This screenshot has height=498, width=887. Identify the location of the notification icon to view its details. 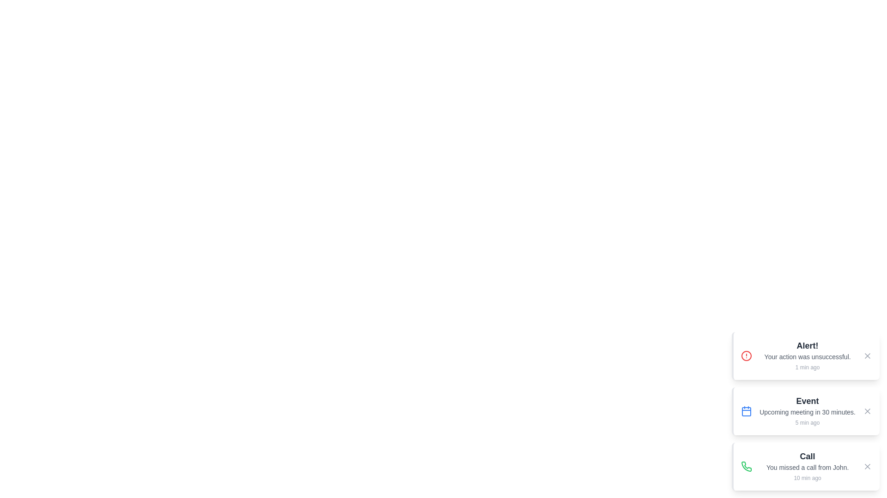
(747, 355).